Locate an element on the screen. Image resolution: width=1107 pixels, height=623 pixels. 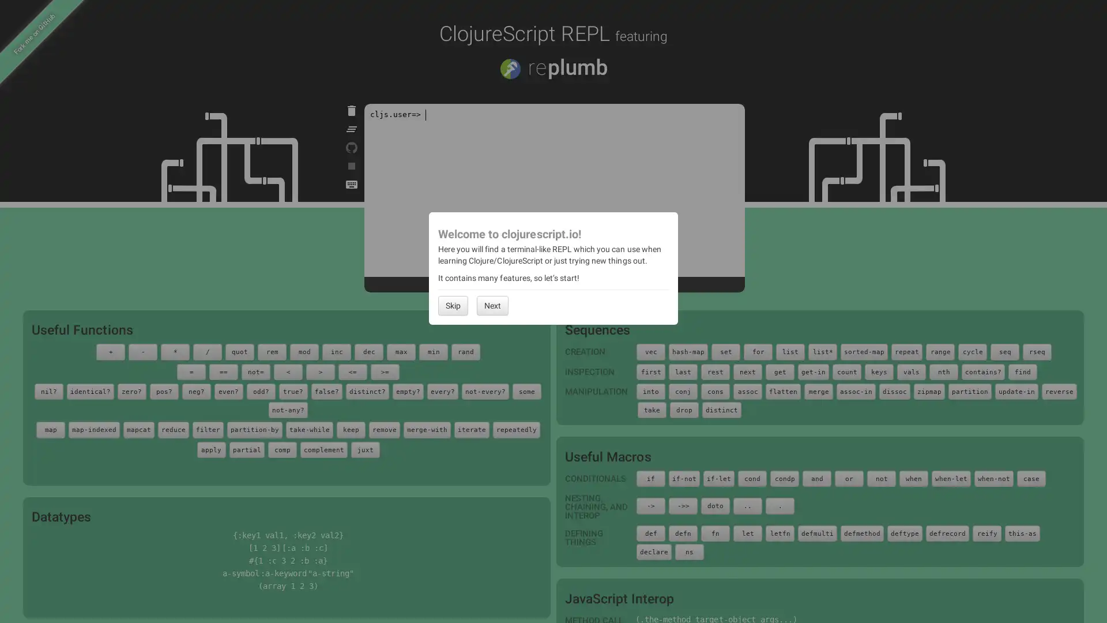
<= is located at coordinates (352, 371).